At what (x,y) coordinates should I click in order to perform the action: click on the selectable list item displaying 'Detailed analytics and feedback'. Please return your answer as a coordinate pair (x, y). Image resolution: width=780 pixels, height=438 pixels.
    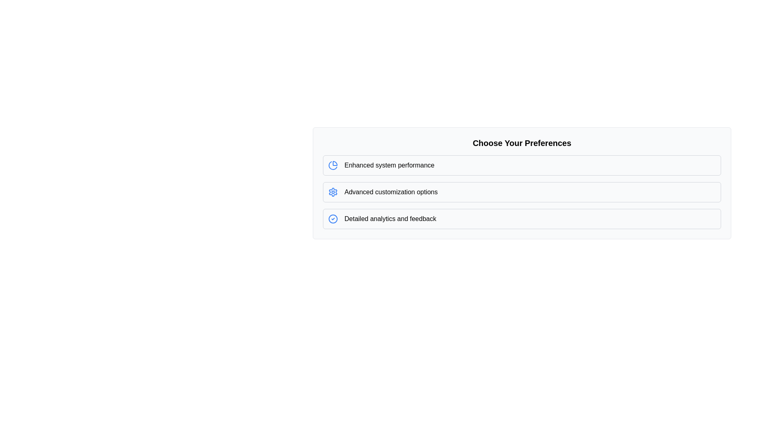
    Looking at the image, I should click on (522, 219).